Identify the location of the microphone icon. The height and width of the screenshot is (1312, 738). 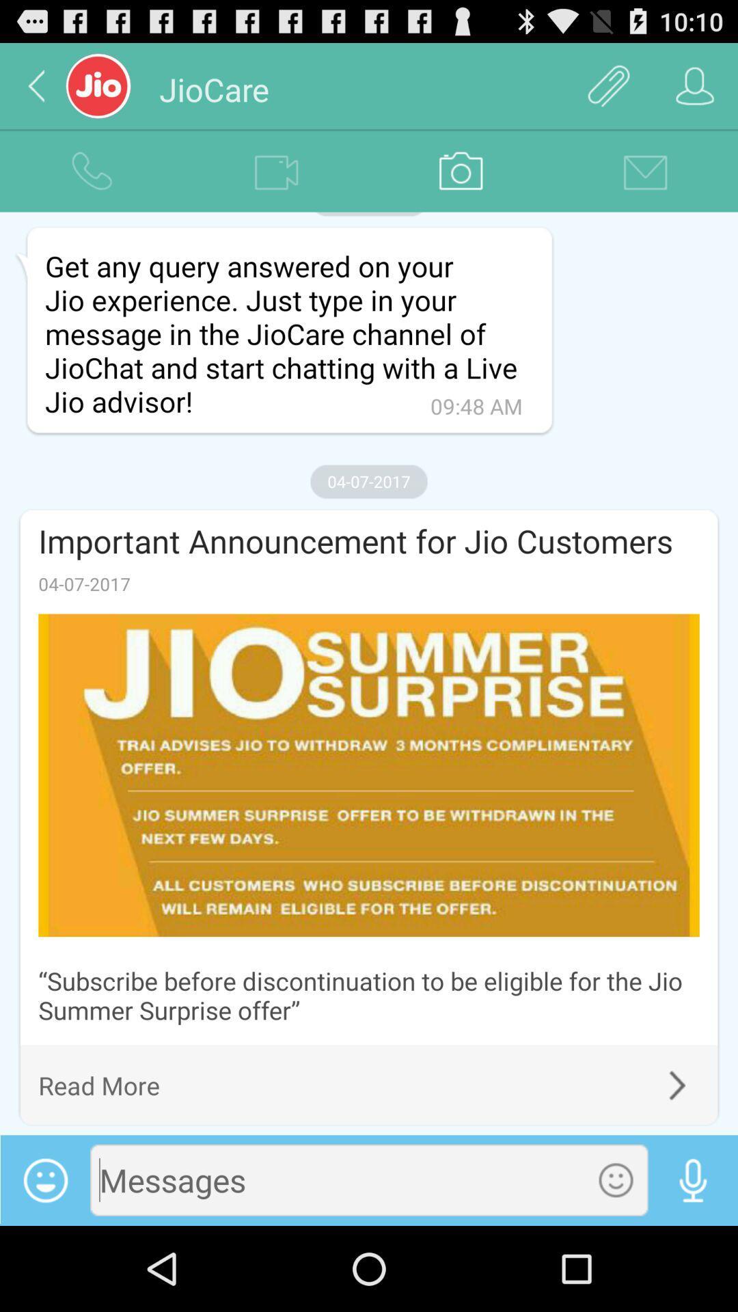
(693, 1262).